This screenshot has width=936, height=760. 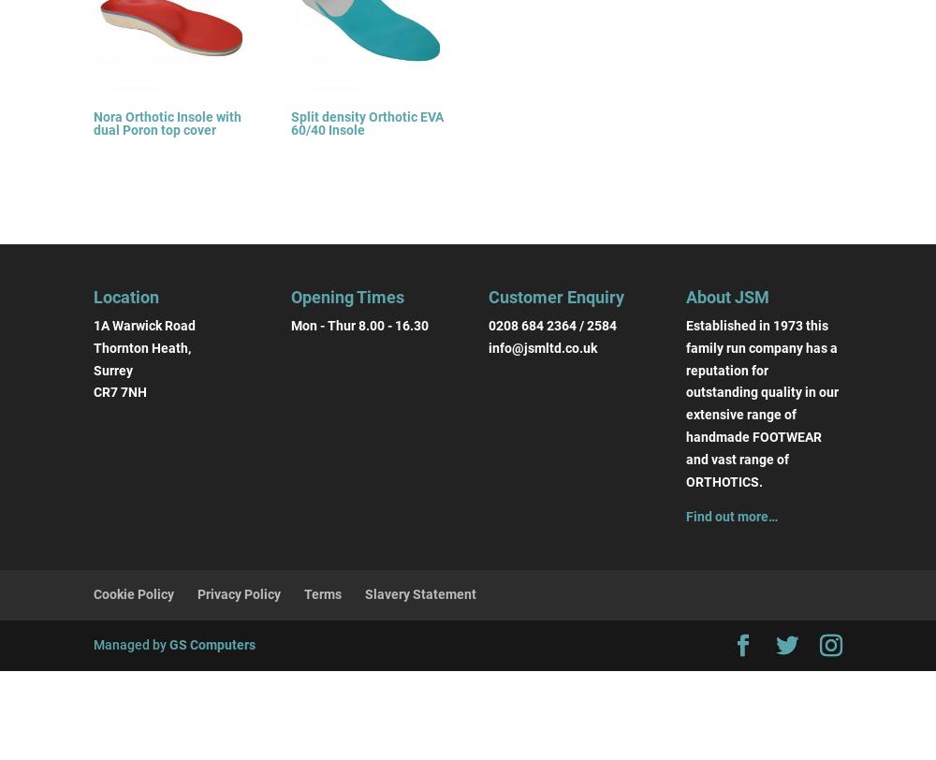 What do you see at coordinates (727, 296) in the screenshot?
I see `'About JSM'` at bounding box center [727, 296].